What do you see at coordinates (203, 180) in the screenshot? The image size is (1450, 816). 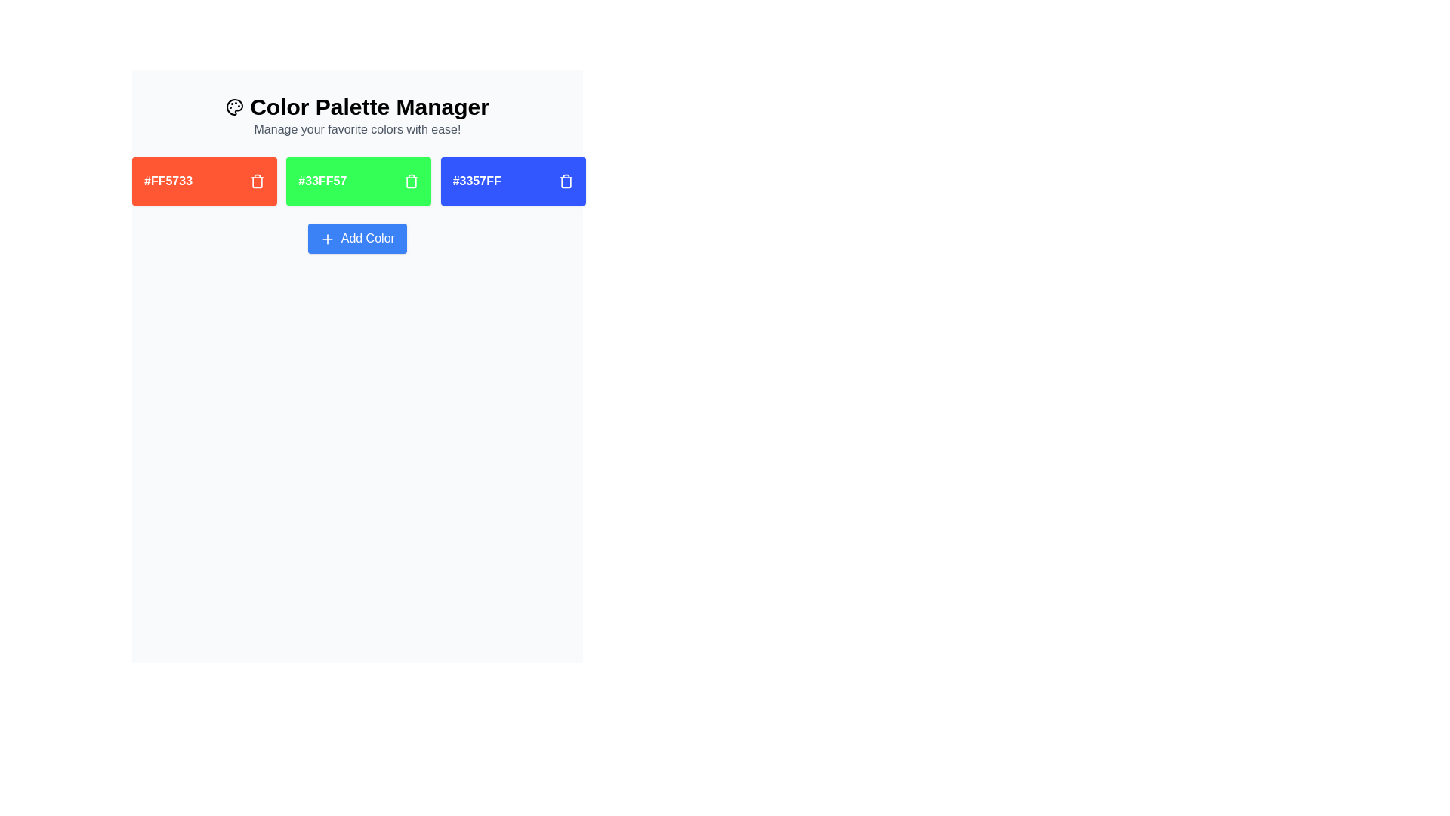 I see `the colored box with label and trash can icon representing the color '#FF5733' in the color palette manager` at bounding box center [203, 180].